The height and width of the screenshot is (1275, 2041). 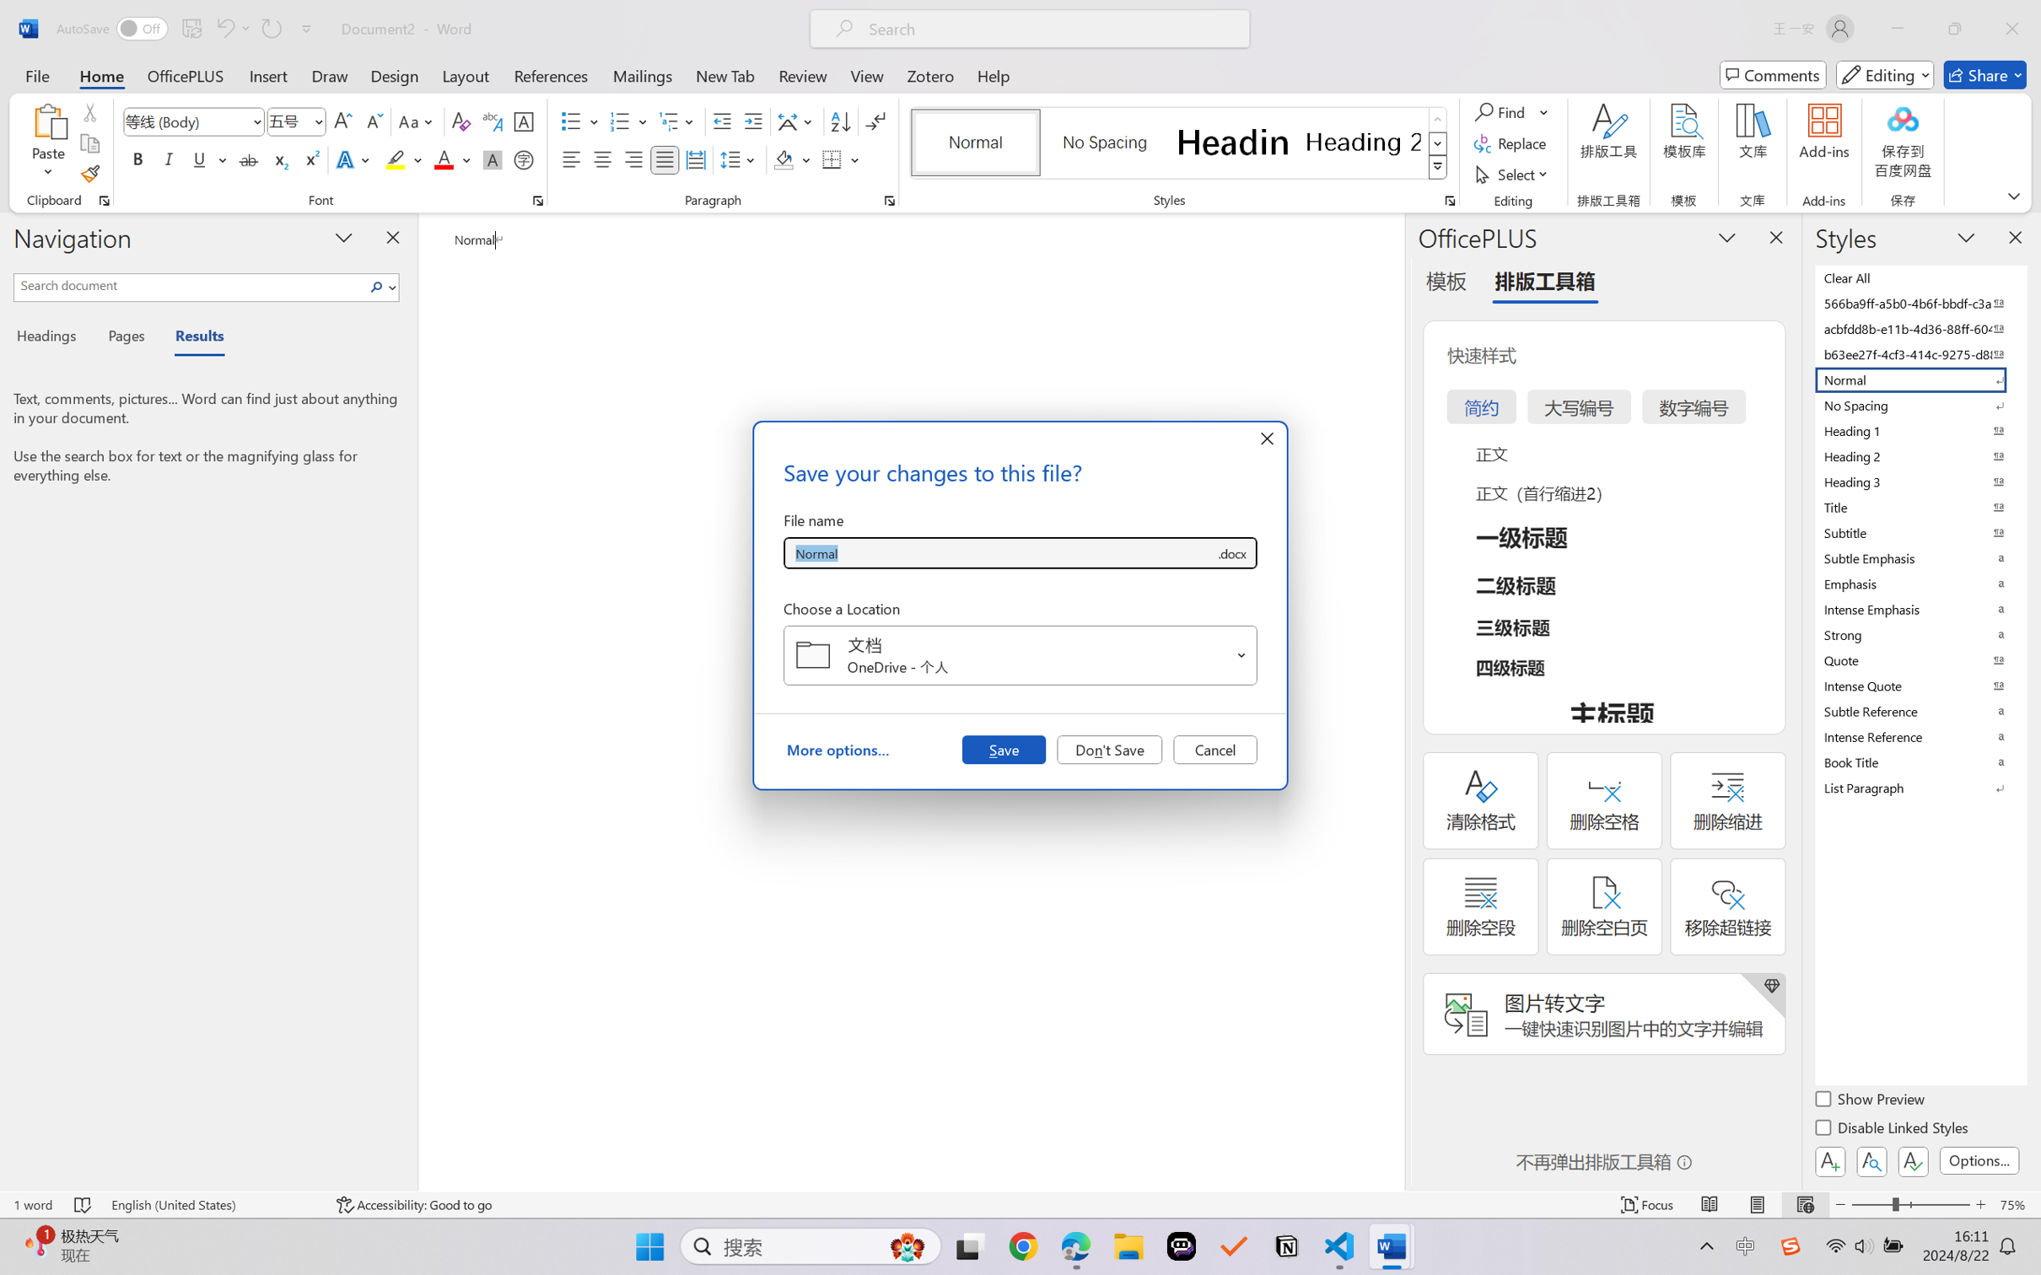 I want to click on 'Show/Hide Editing Marks', so click(x=875, y=121).